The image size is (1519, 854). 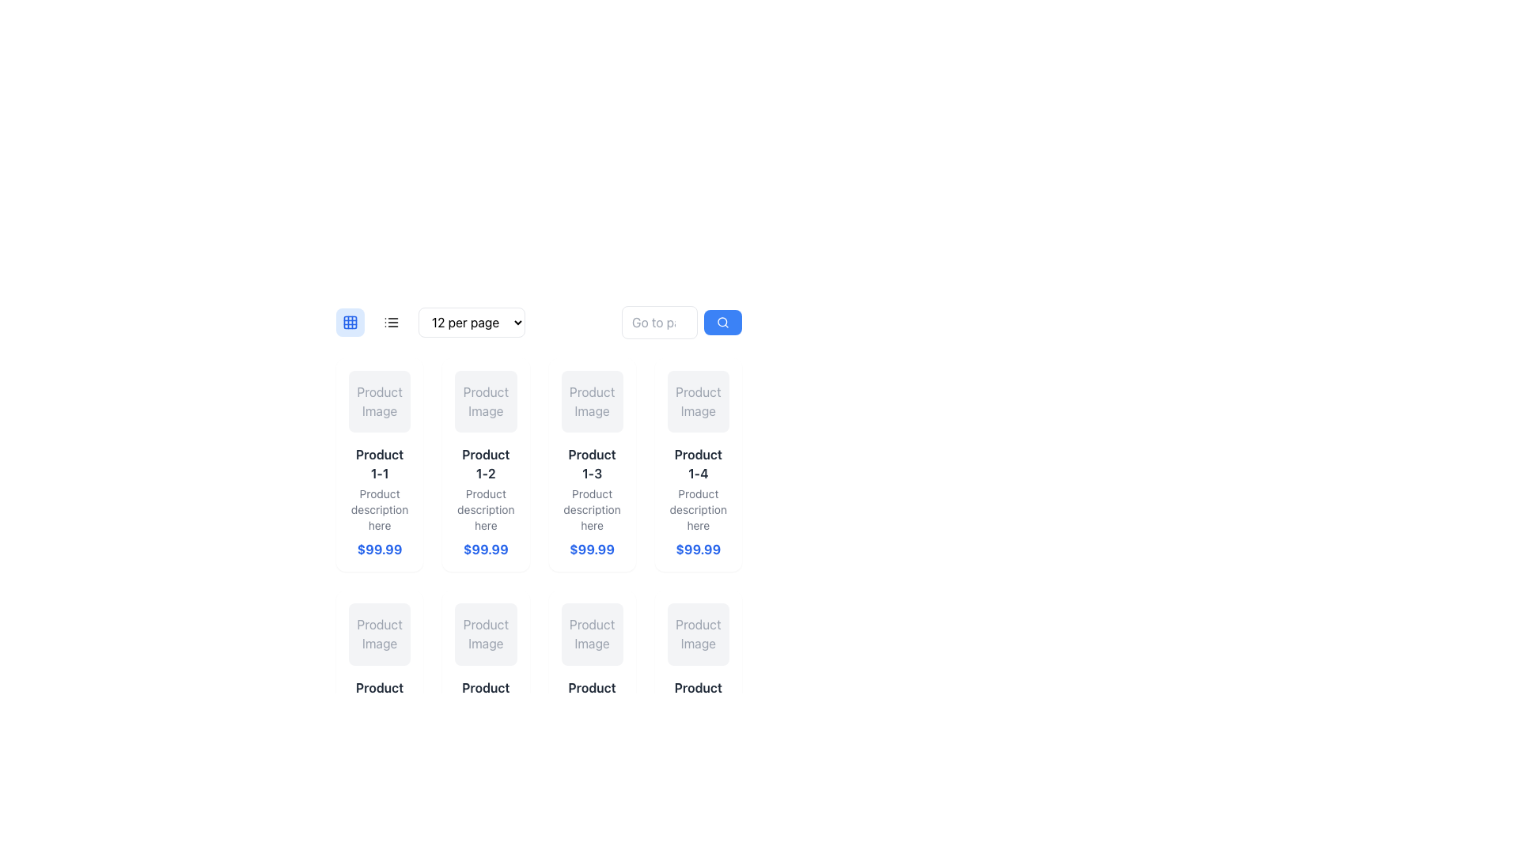 I want to click on the Product card displaying 'Product 1-2', which has a bold title, a gray description, and a blue price, located in the second column of the top row of the product grid, so click(x=485, y=502).